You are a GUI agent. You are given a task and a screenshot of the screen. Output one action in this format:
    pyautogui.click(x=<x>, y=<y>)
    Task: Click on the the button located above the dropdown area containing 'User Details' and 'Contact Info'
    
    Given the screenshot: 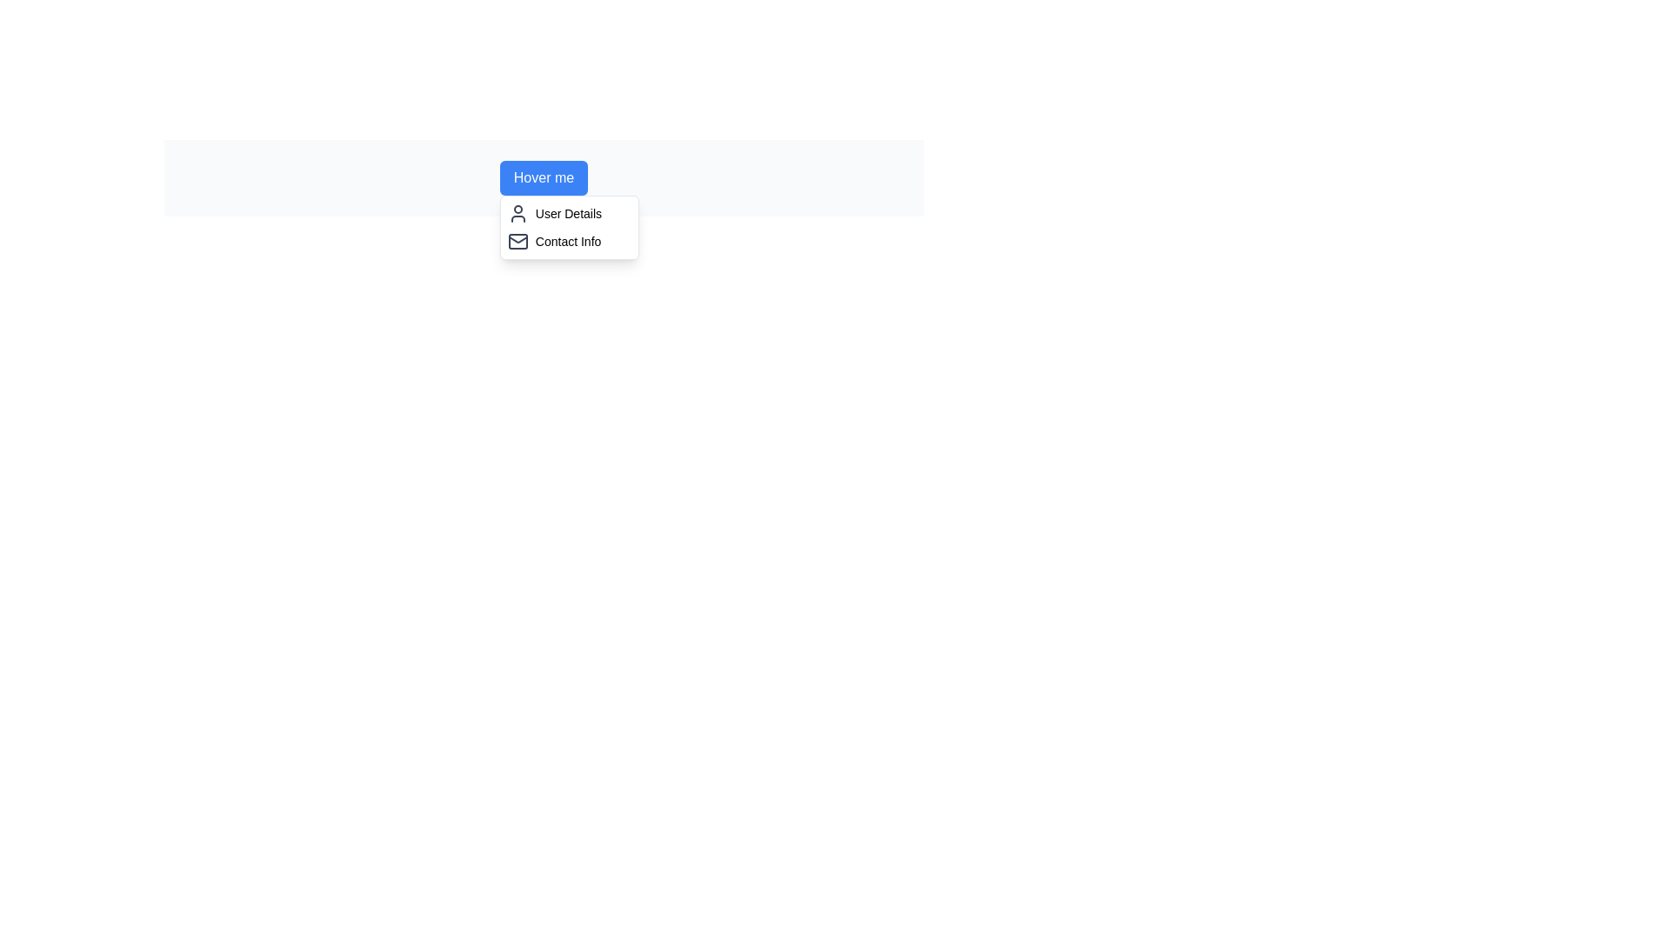 What is the action you would take?
    pyautogui.click(x=543, y=177)
    